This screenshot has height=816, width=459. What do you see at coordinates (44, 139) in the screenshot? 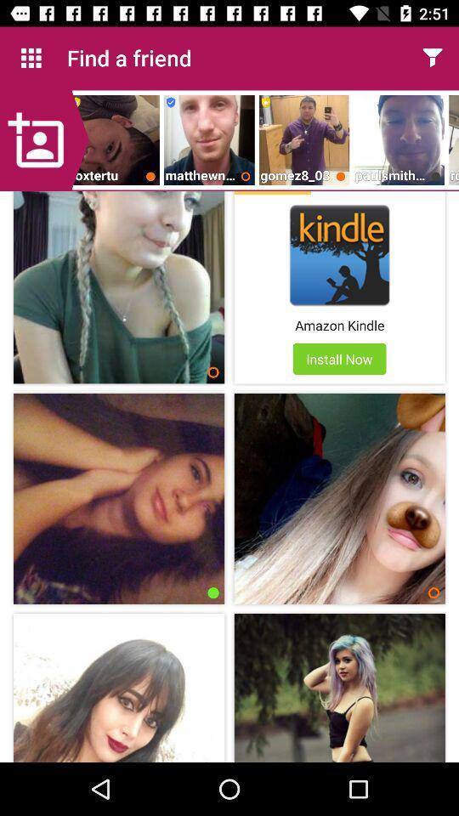
I see `the follow icon` at bounding box center [44, 139].